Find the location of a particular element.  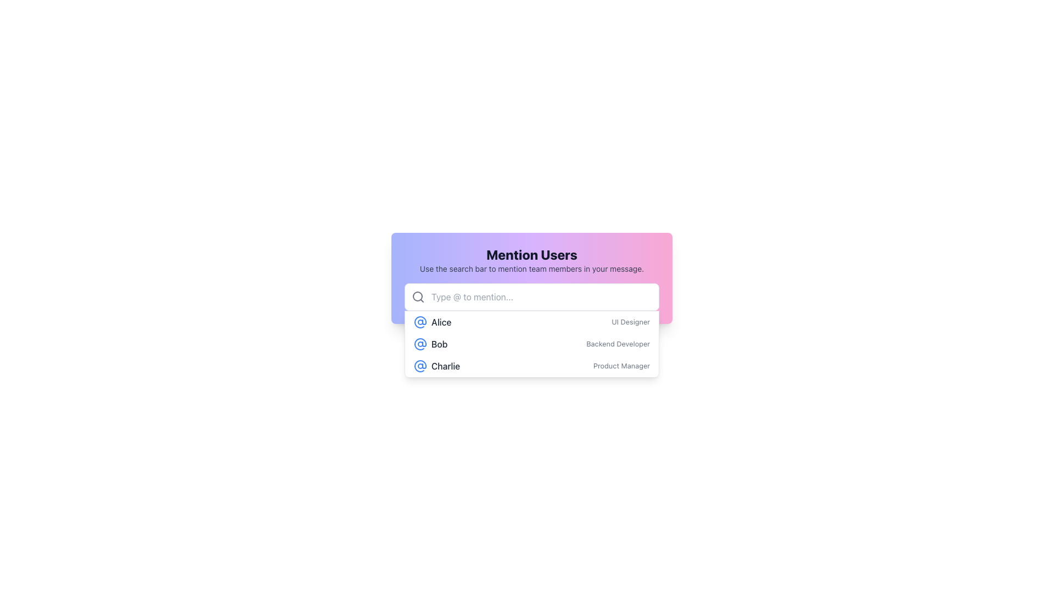

the text label displaying 'Alice' in the user mention suggestion list is located at coordinates (441, 321).